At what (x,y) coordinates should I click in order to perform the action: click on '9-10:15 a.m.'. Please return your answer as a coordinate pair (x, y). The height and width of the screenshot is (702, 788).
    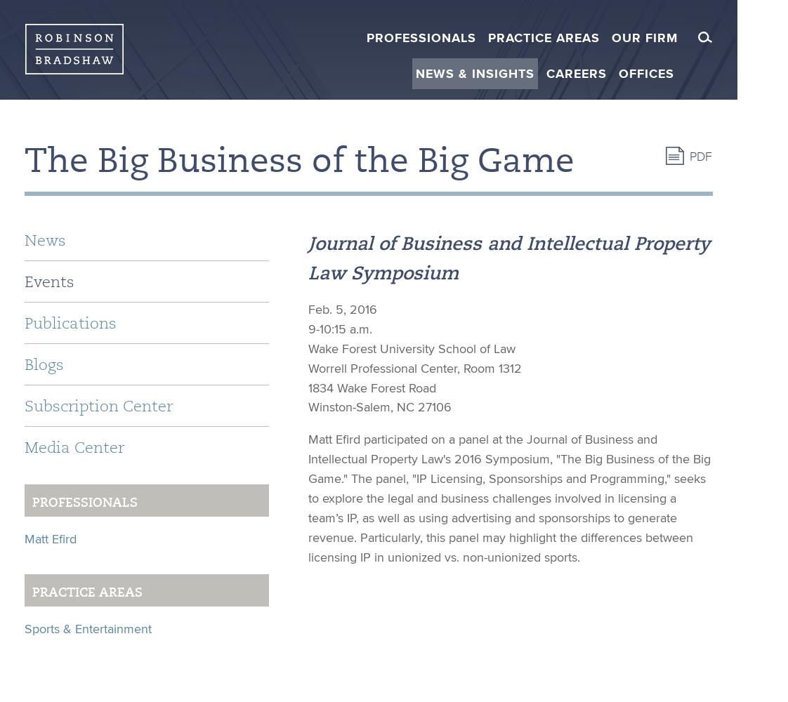
    Looking at the image, I should click on (340, 327).